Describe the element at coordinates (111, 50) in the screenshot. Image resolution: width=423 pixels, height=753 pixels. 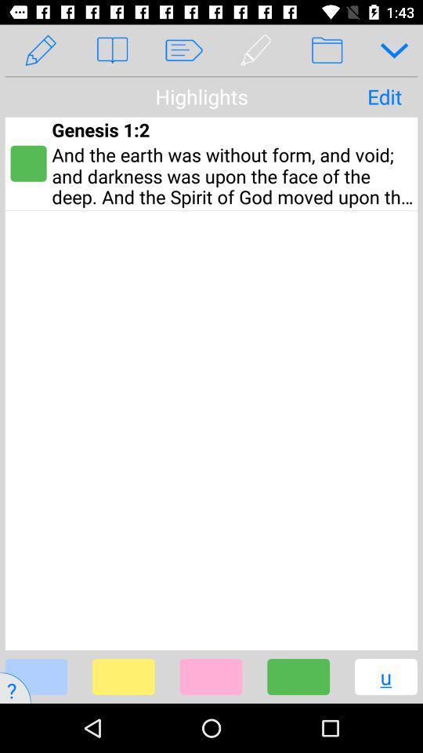
I see `the book icon` at that location.